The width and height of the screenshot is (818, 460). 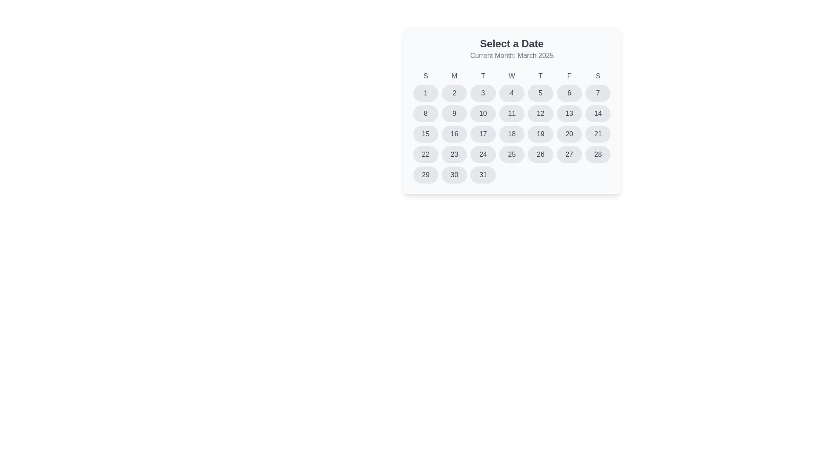 What do you see at coordinates (597, 93) in the screenshot?
I see `the selectable date '7' button in the calendar interface` at bounding box center [597, 93].